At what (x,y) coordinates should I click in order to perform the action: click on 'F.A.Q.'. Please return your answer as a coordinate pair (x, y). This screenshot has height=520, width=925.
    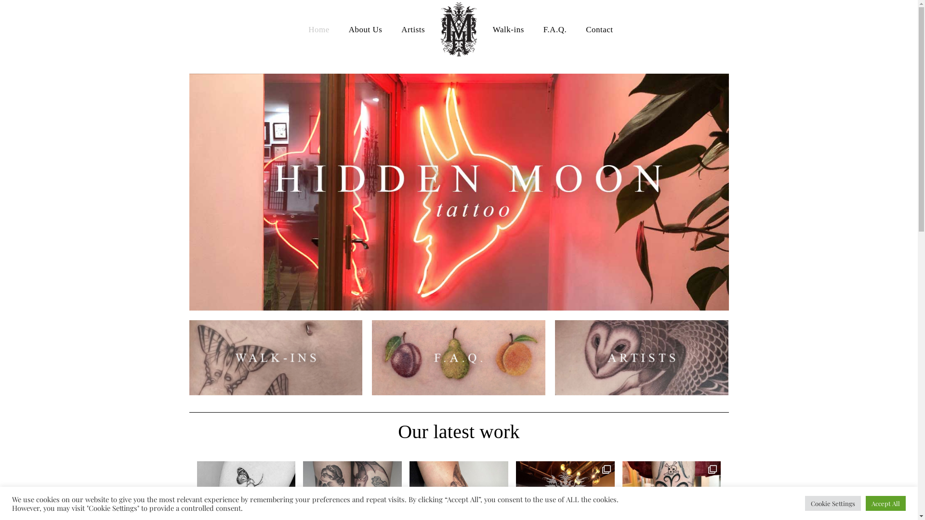
    Looking at the image, I should click on (555, 29).